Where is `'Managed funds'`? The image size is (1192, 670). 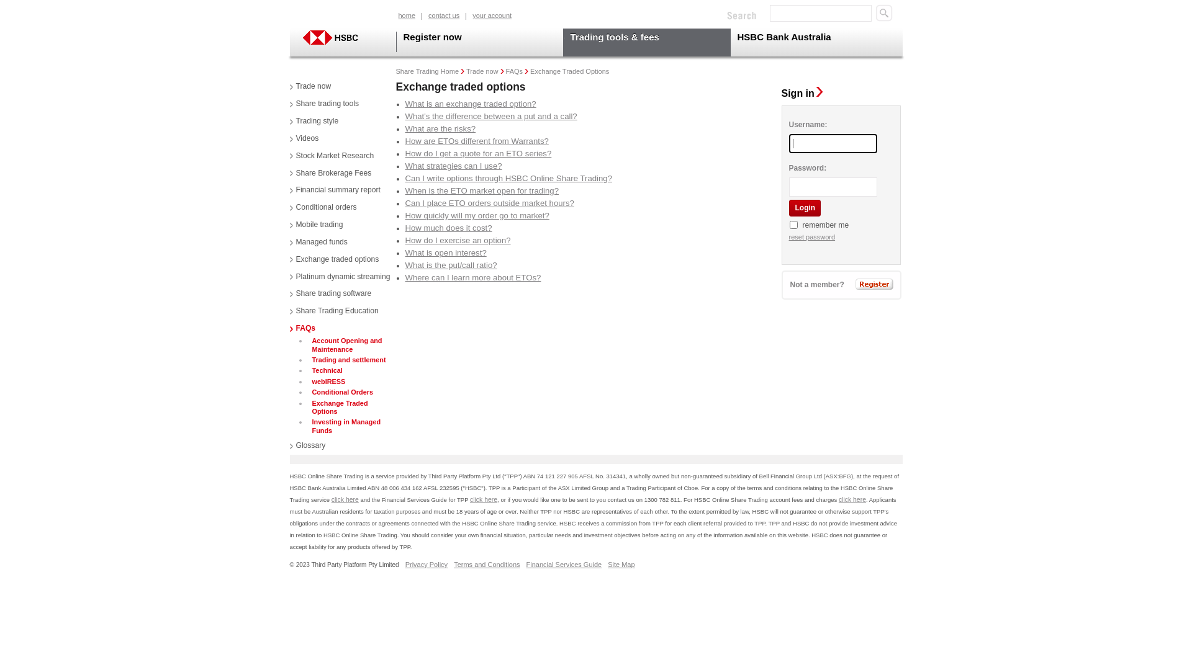 'Managed funds' is located at coordinates (318, 242).